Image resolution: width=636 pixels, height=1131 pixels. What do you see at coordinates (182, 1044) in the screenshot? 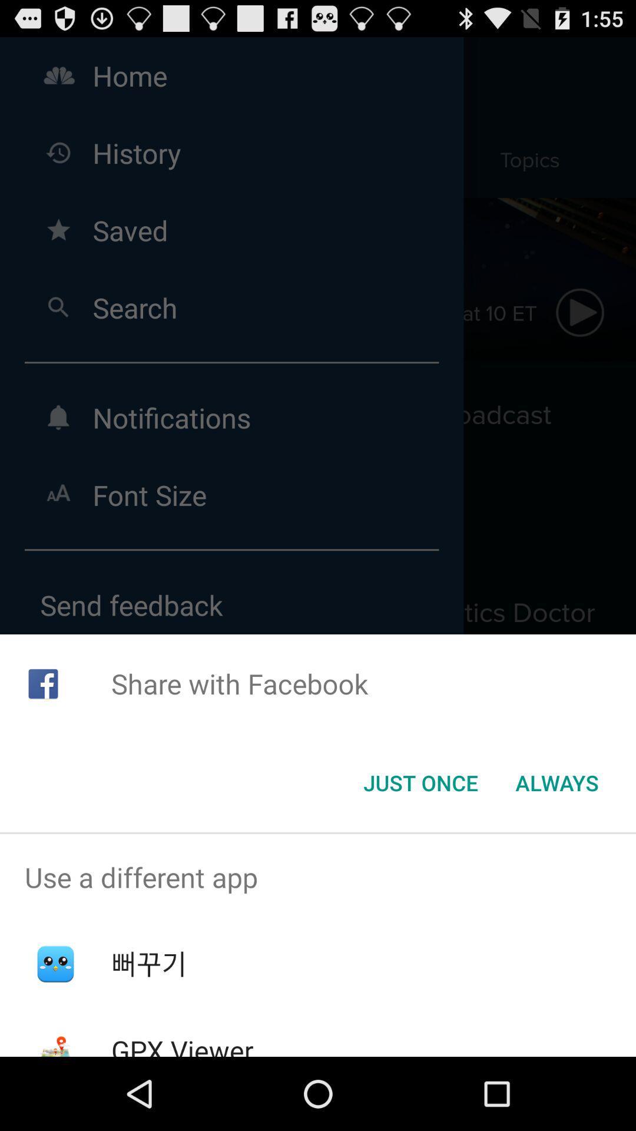
I see `gpx viewer app` at bounding box center [182, 1044].